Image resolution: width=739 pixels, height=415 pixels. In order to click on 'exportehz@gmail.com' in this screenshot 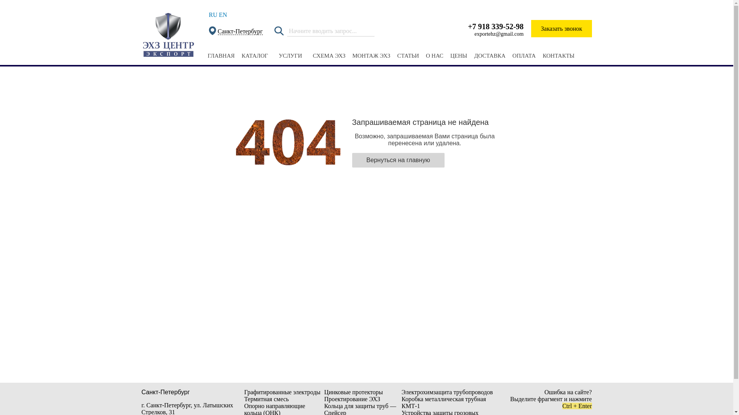, I will do `click(499, 33)`.